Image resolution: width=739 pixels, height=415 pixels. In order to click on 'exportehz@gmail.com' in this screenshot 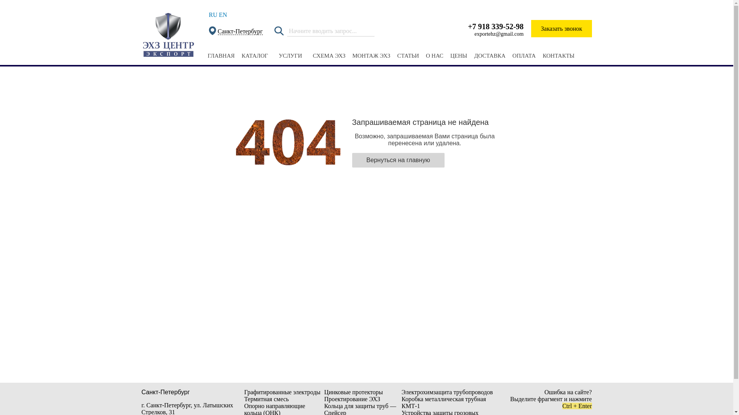, I will do `click(499, 33)`.